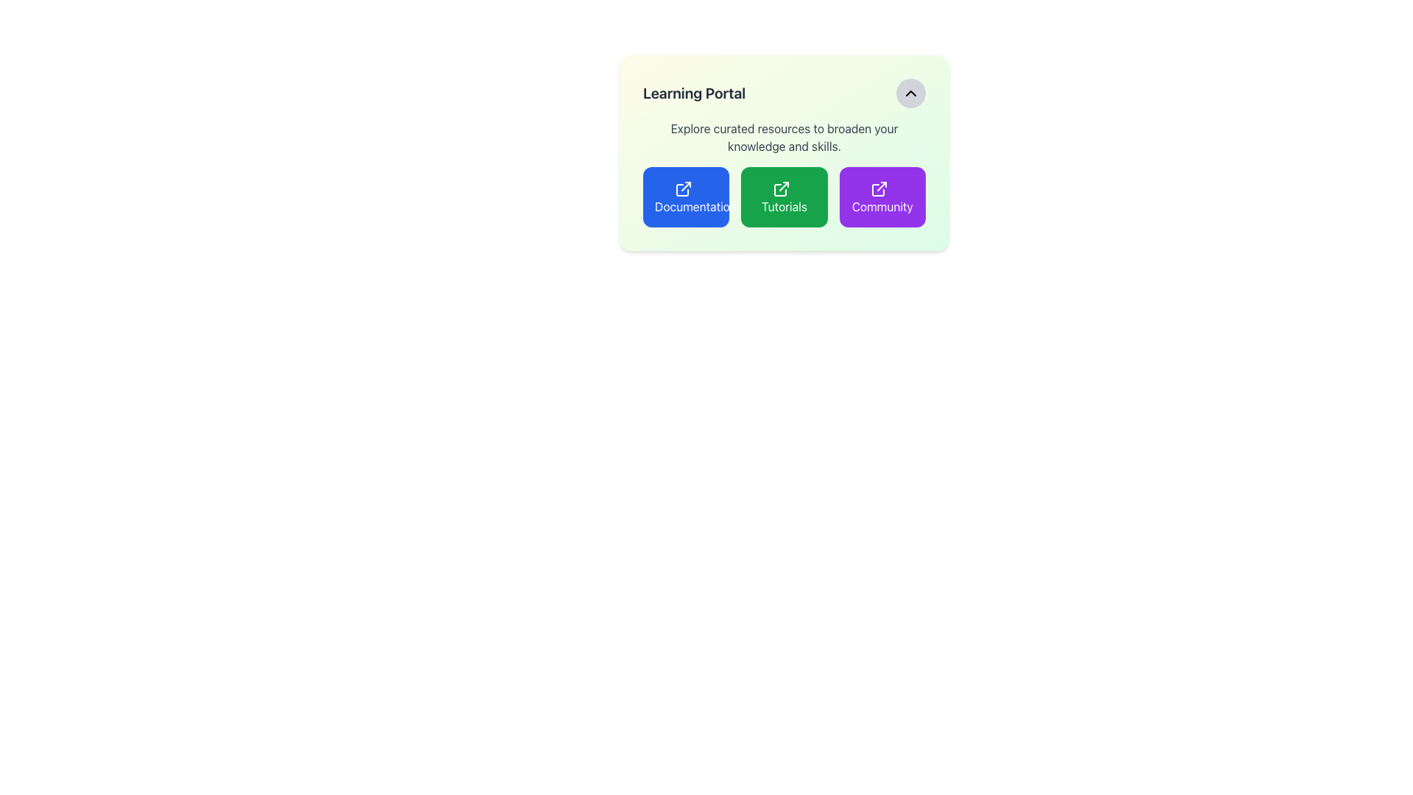  What do you see at coordinates (882, 196) in the screenshot?
I see `the 'Community' button with a vibrant purple background and white text` at bounding box center [882, 196].